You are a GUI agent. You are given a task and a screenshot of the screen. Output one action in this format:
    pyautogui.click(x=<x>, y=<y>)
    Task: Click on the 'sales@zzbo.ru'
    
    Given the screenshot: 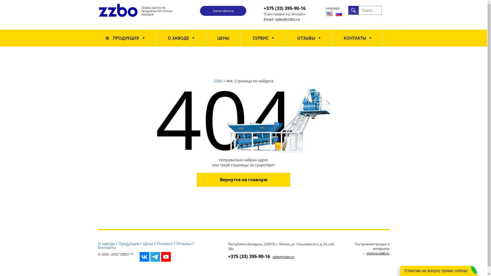 What is the action you would take?
    pyautogui.click(x=283, y=257)
    